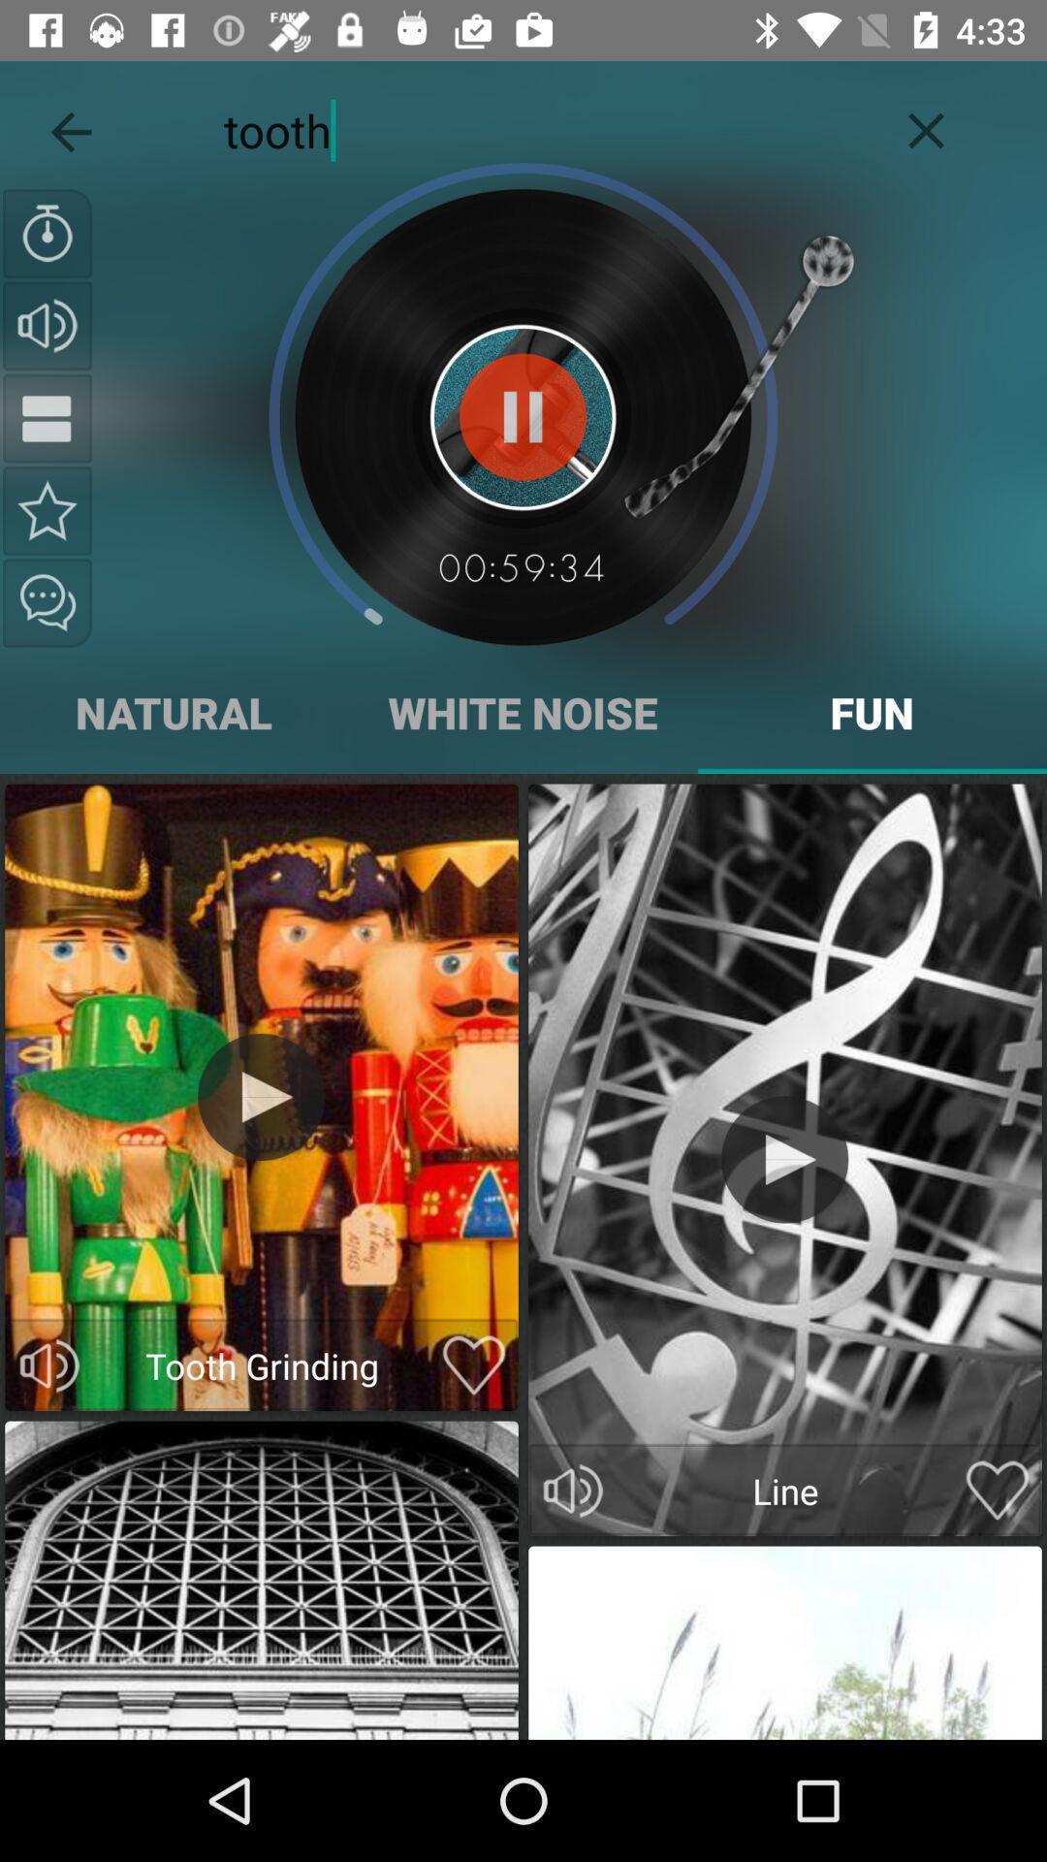  Describe the element at coordinates (48, 1364) in the screenshot. I see `volume control` at that location.